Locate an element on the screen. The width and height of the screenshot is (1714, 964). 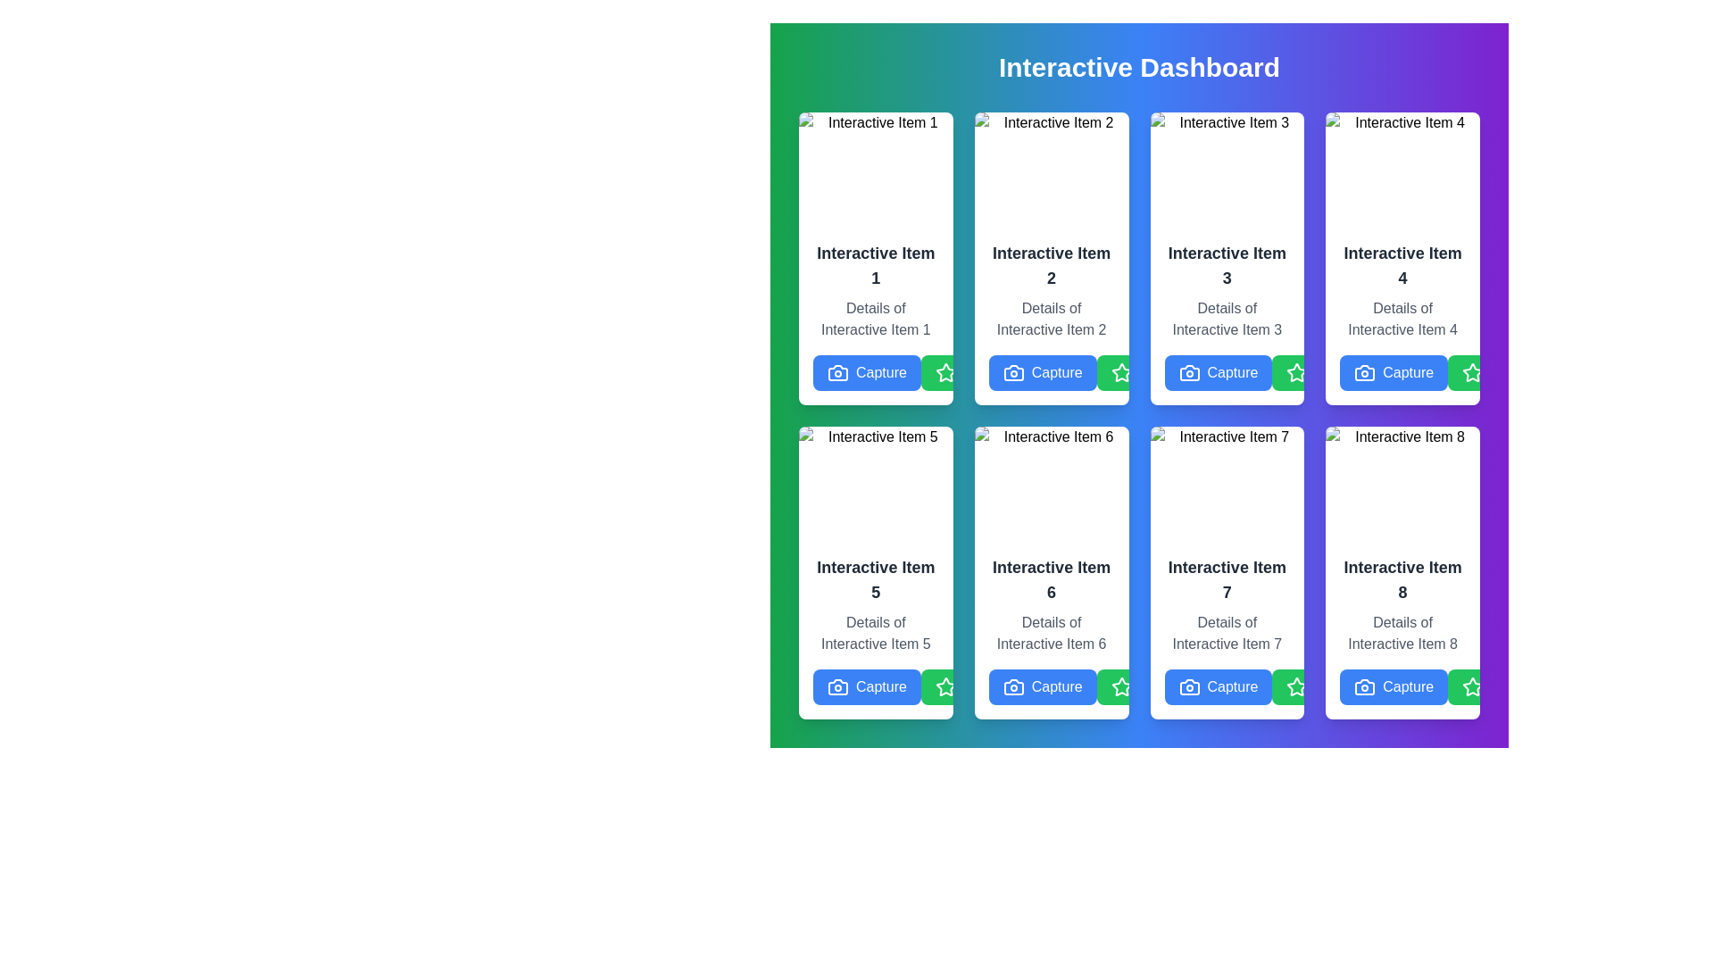
the 'Favorite' button located below 'Interactive Item 4' and to the right of the 'Capture' button is located at coordinates (1327, 371).